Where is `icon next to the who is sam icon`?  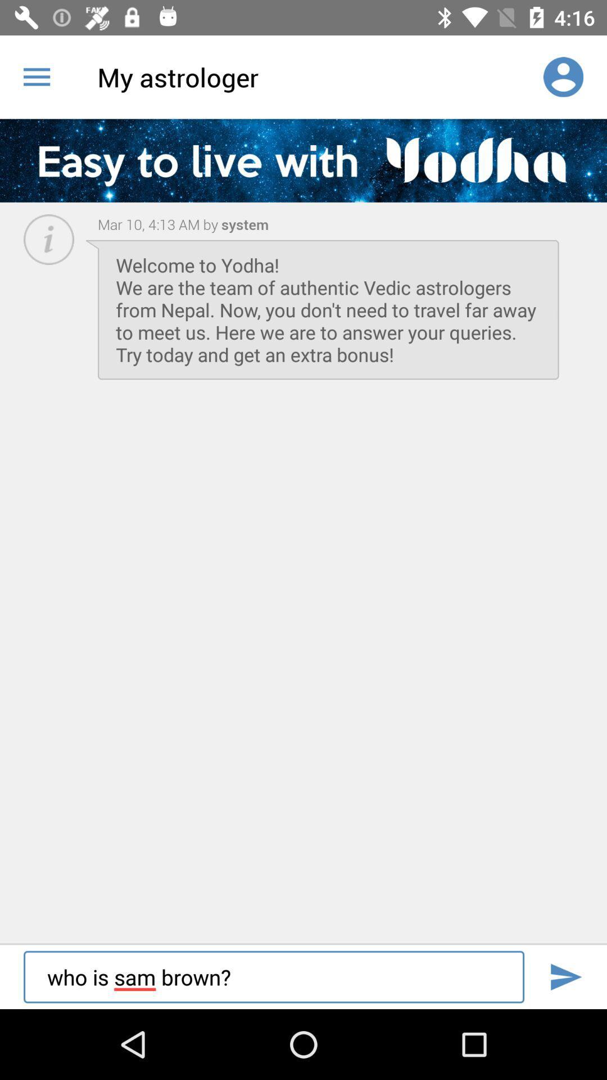
icon next to the who is sam icon is located at coordinates (565, 976).